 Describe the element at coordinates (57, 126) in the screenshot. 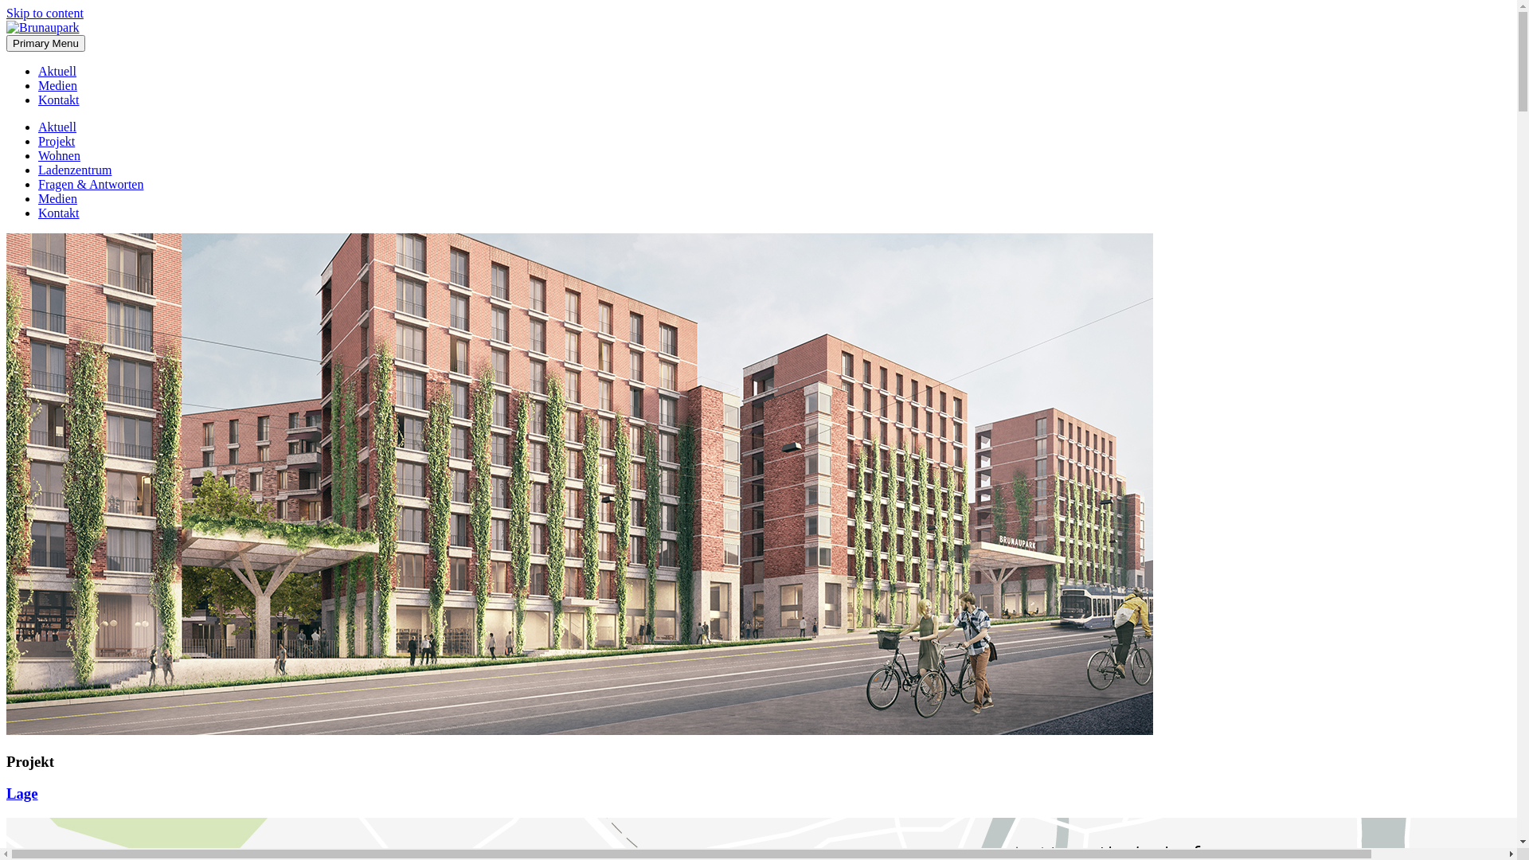

I see `'Aktuell'` at that location.